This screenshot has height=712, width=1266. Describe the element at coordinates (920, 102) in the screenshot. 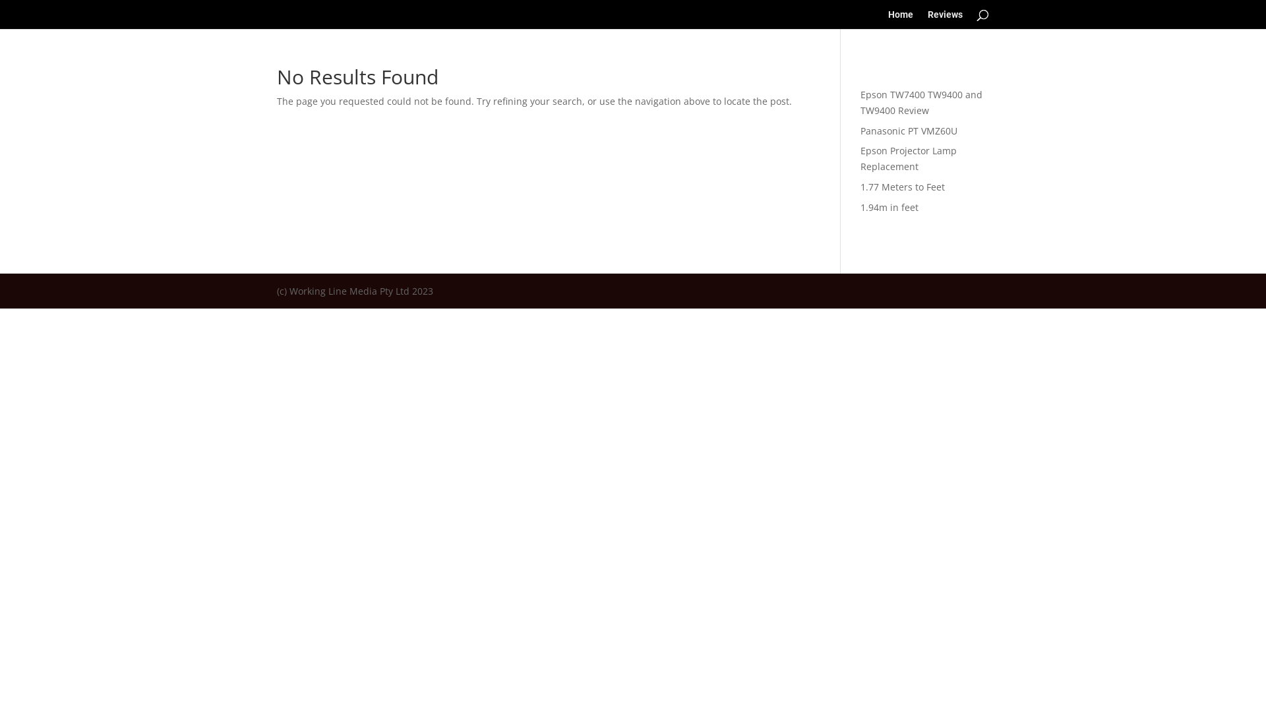

I see `'Epson TW7400 TW9400 and TW9400 Review'` at that location.